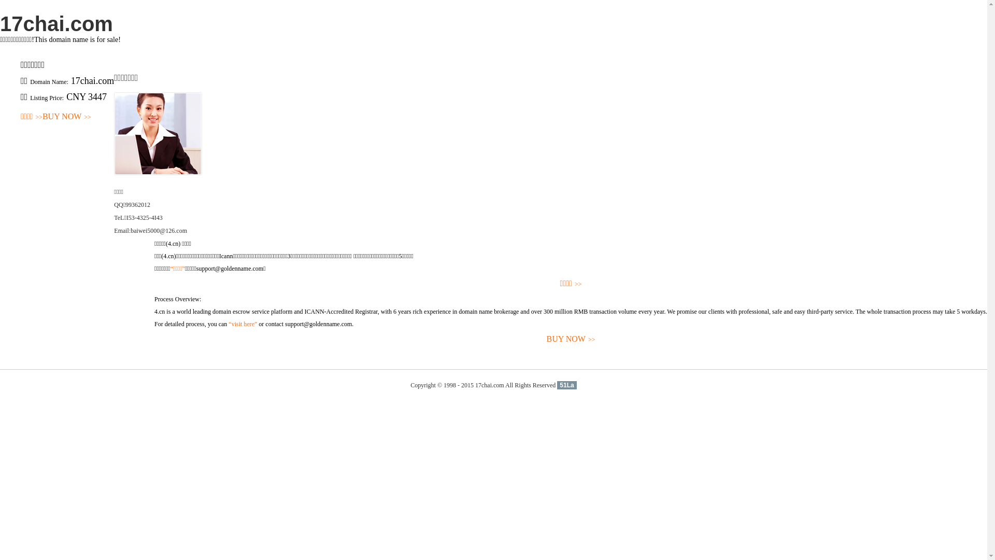  What do you see at coordinates (557, 385) in the screenshot?
I see `'51La'` at bounding box center [557, 385].